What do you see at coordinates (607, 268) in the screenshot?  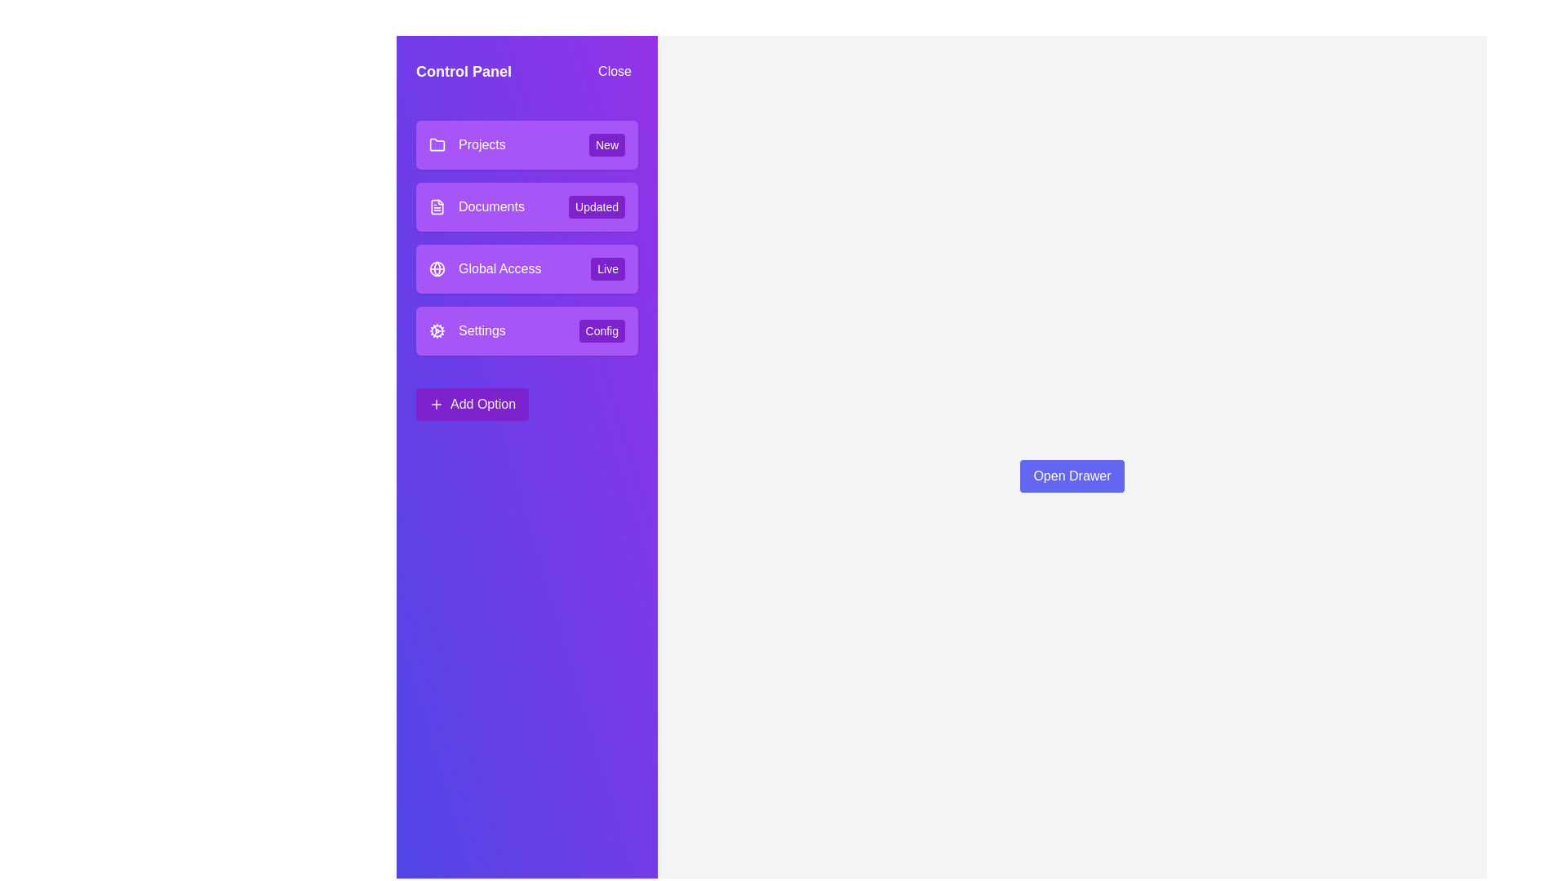 I see `the tag associated with the menu item Global Access` at bounding box center [607, 268].